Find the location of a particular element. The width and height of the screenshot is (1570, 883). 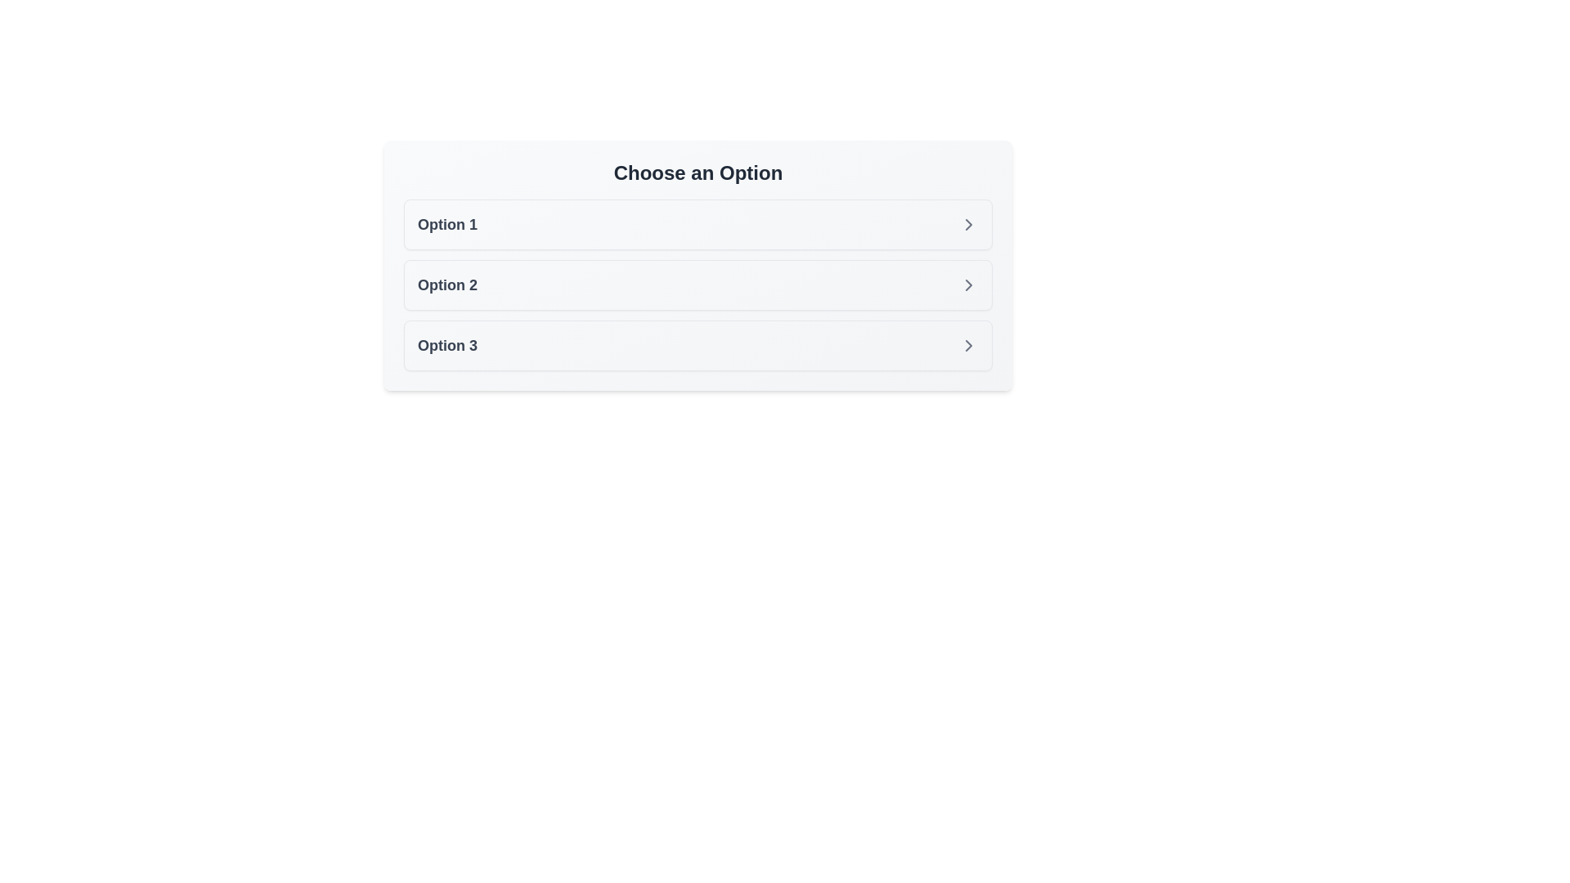

the chevron icon located at the far-right of the first option in the 'Choose an Option' list is located at coordinates (969, 224).